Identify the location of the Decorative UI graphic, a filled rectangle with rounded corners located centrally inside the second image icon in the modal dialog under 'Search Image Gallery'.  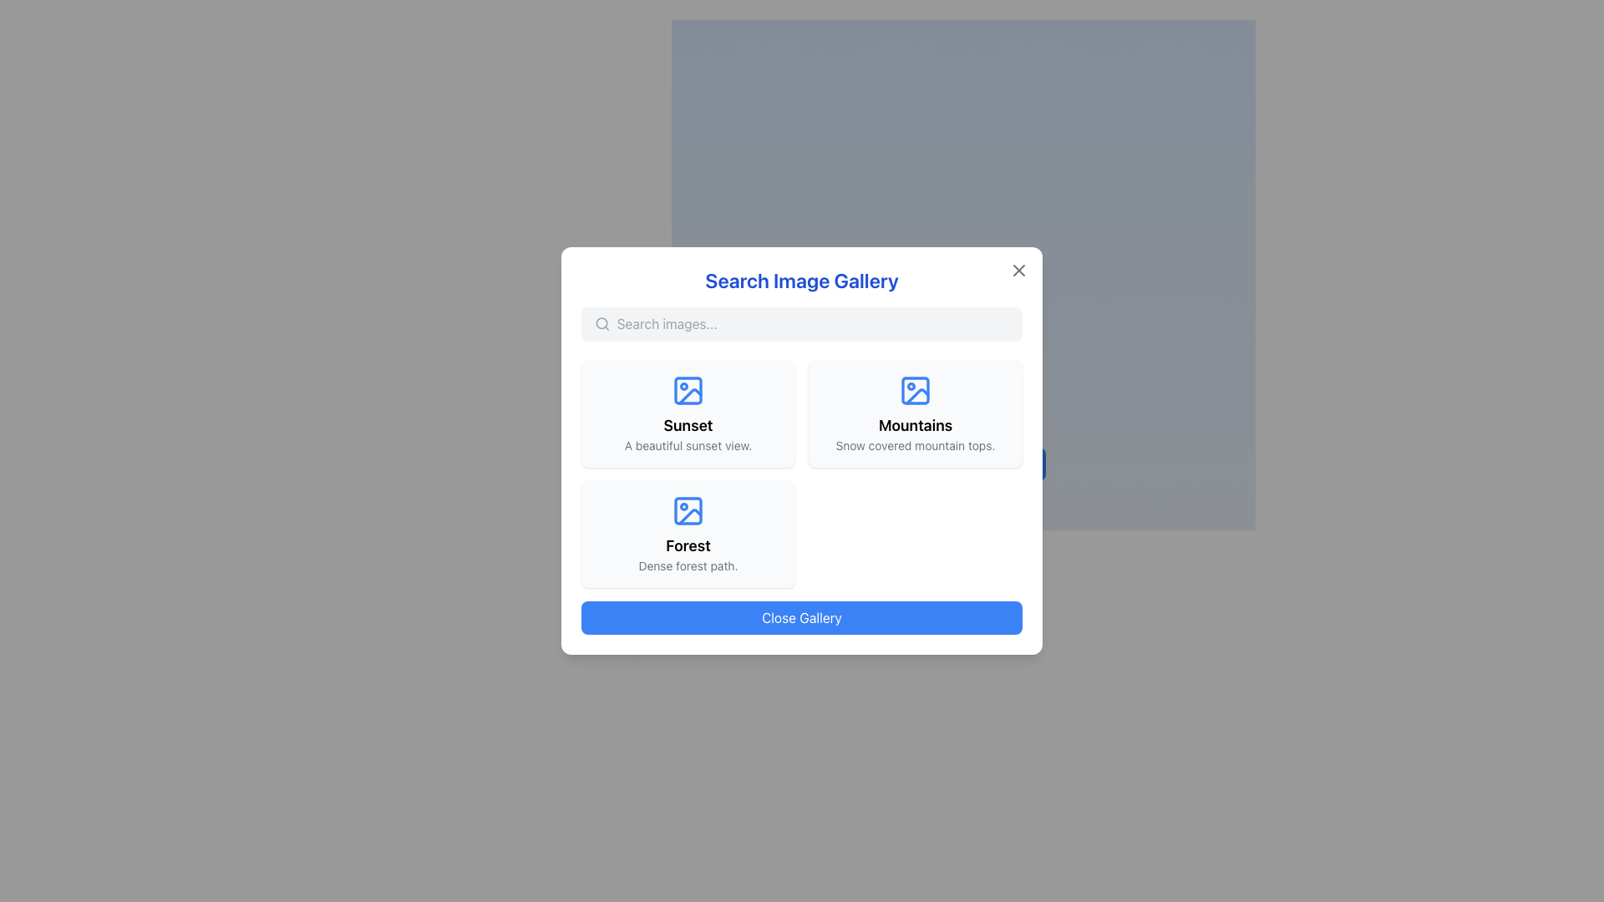
(914, 390).